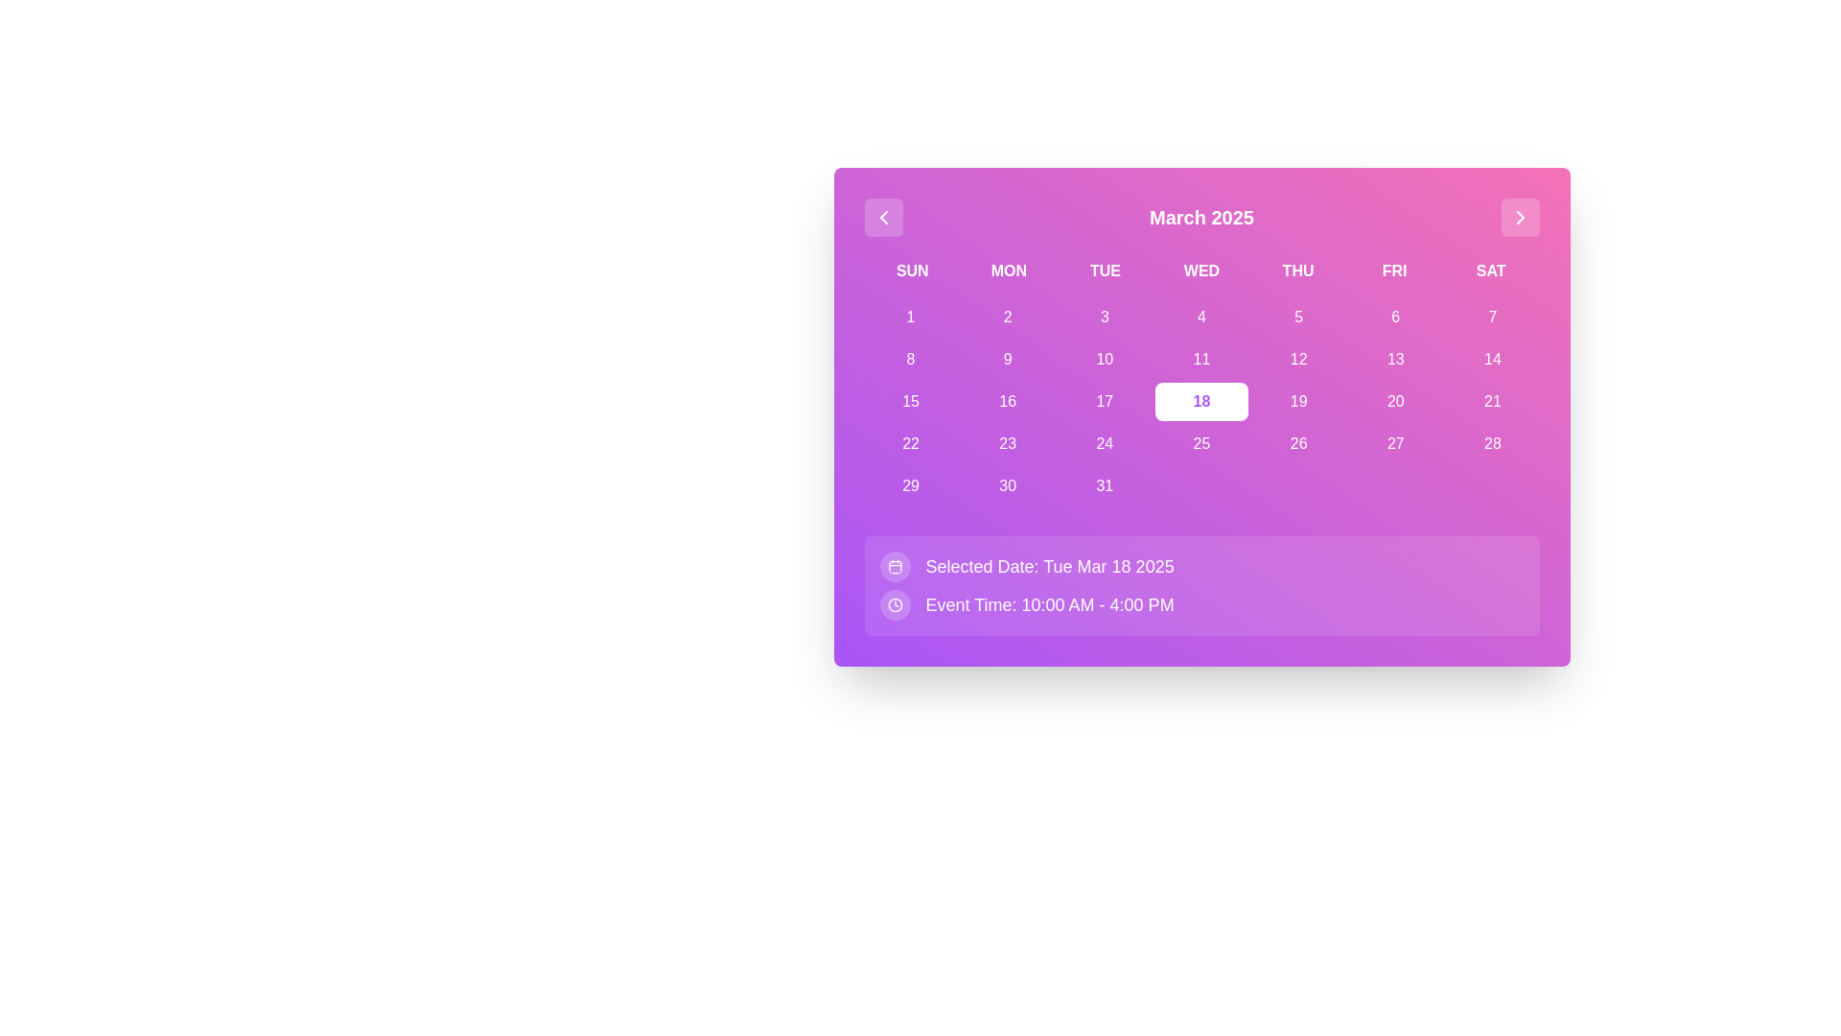 The width and height of the screenshot is (1841, 1036). I want to click on the rectangular button displaying the text '27' in white with a light purple background, located in the last row, second from last column of the grid, so click(1395, 443).